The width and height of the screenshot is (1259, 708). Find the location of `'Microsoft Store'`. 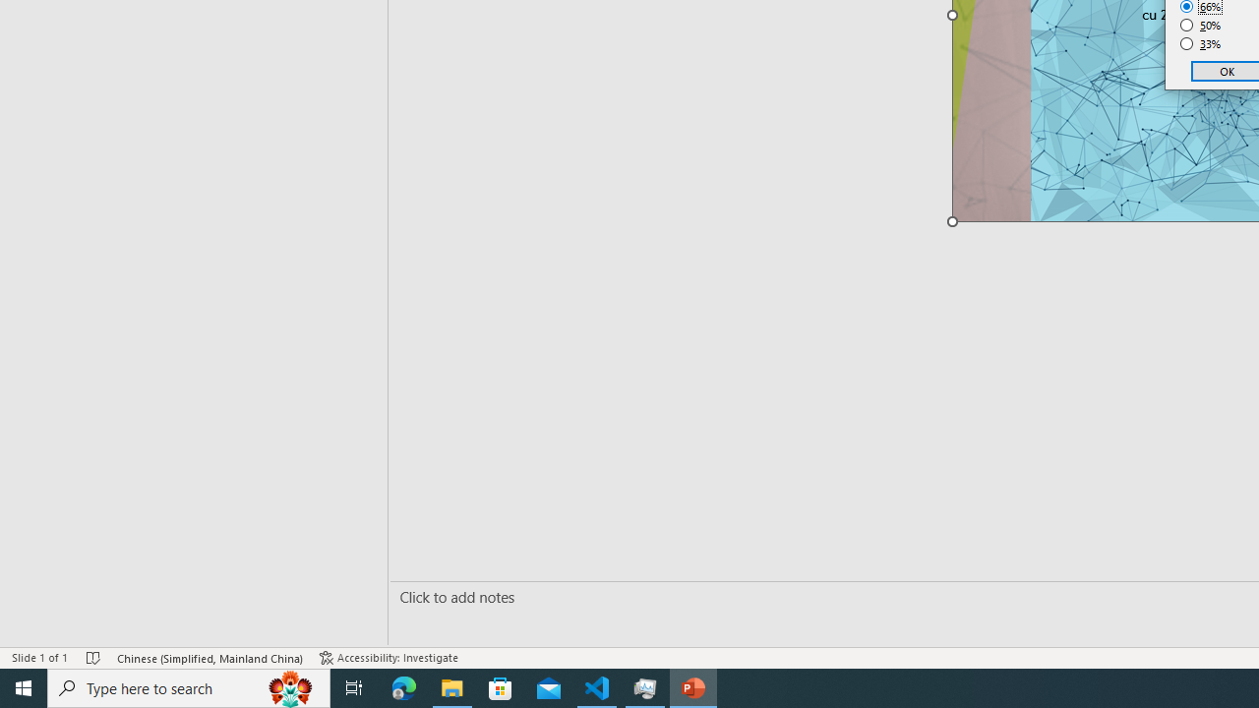

'Microsoft Store' is located at coordinates (501, 686).